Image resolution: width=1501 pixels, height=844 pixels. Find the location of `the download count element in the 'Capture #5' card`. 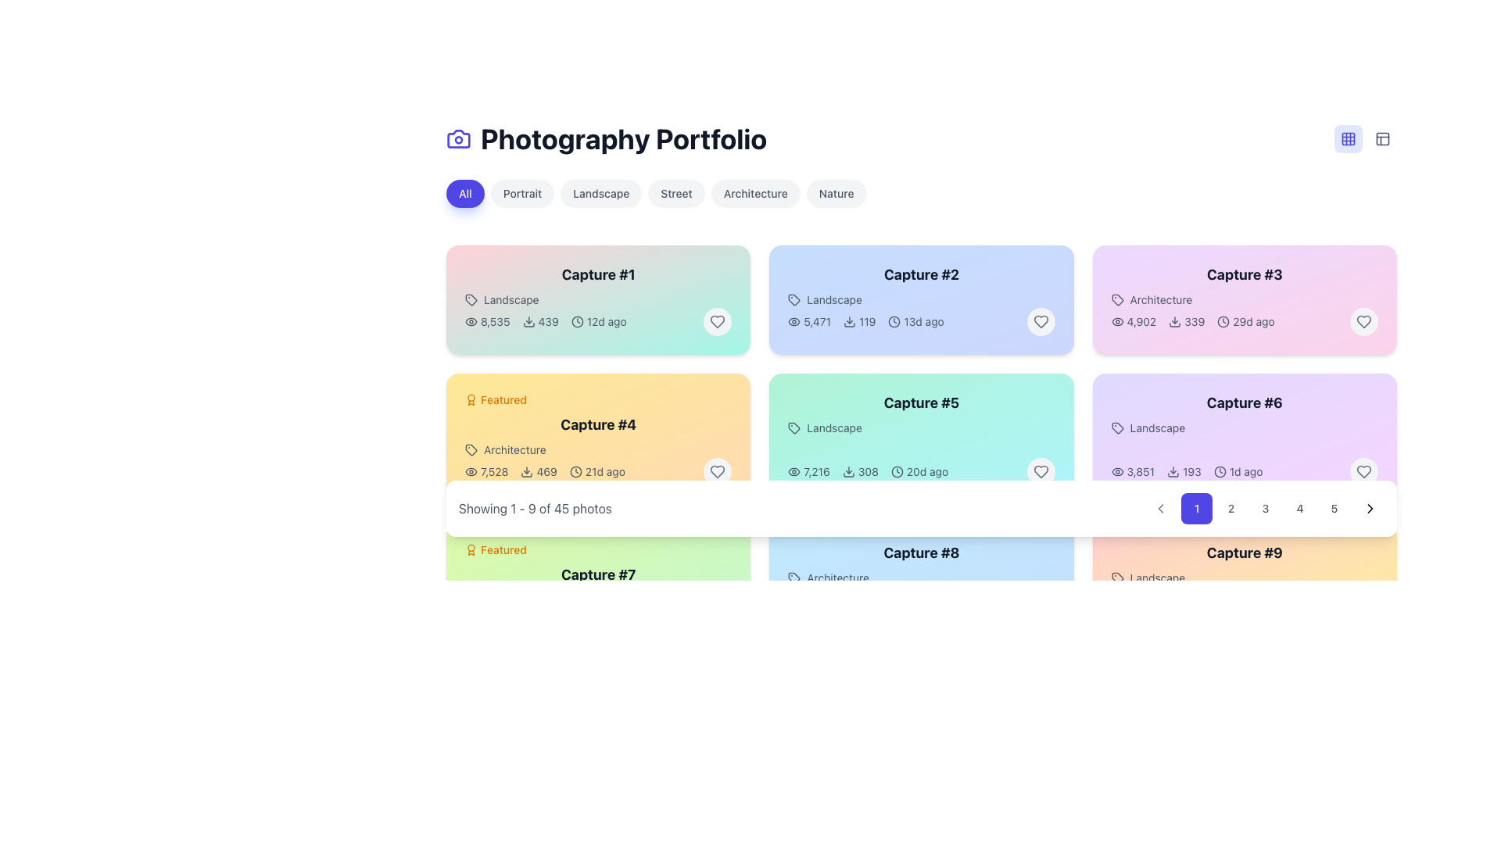

the download count element in the 'Capture #5' card is located at coordinates (859, 471).